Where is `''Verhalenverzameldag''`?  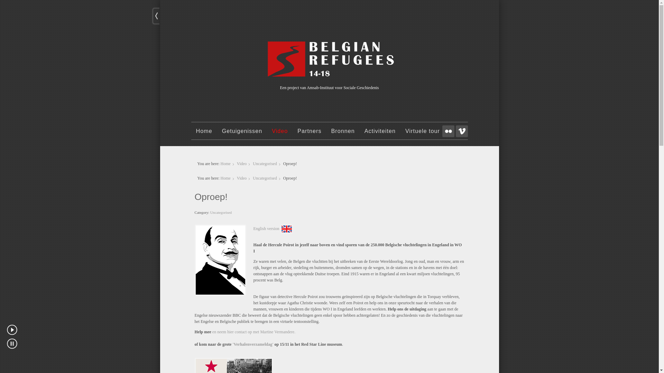 ''Verhalenverzameldag'' is located at coordinates (232, 344).